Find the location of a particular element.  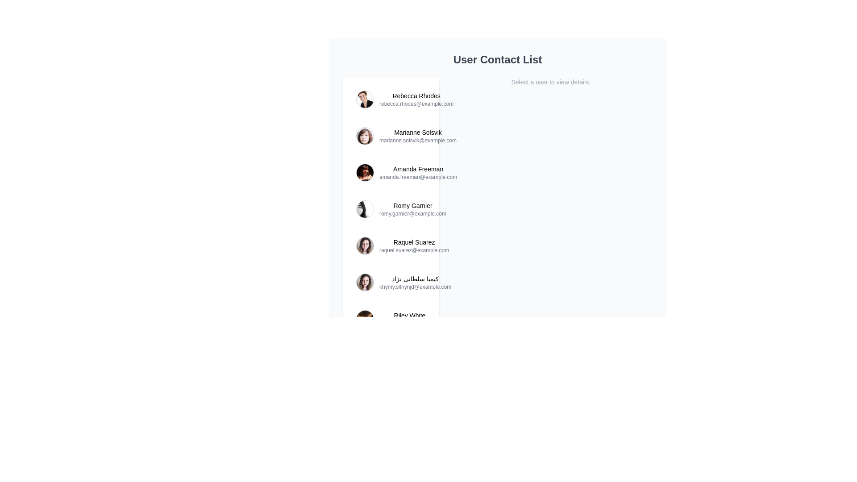

email address displayed in the text label showing 'amanda.freeman@example.com', which is styled with a small font and gray color, positioned directly below the name 'Amanda Freeman' in the user contact list is located at coordinates (418, 177).